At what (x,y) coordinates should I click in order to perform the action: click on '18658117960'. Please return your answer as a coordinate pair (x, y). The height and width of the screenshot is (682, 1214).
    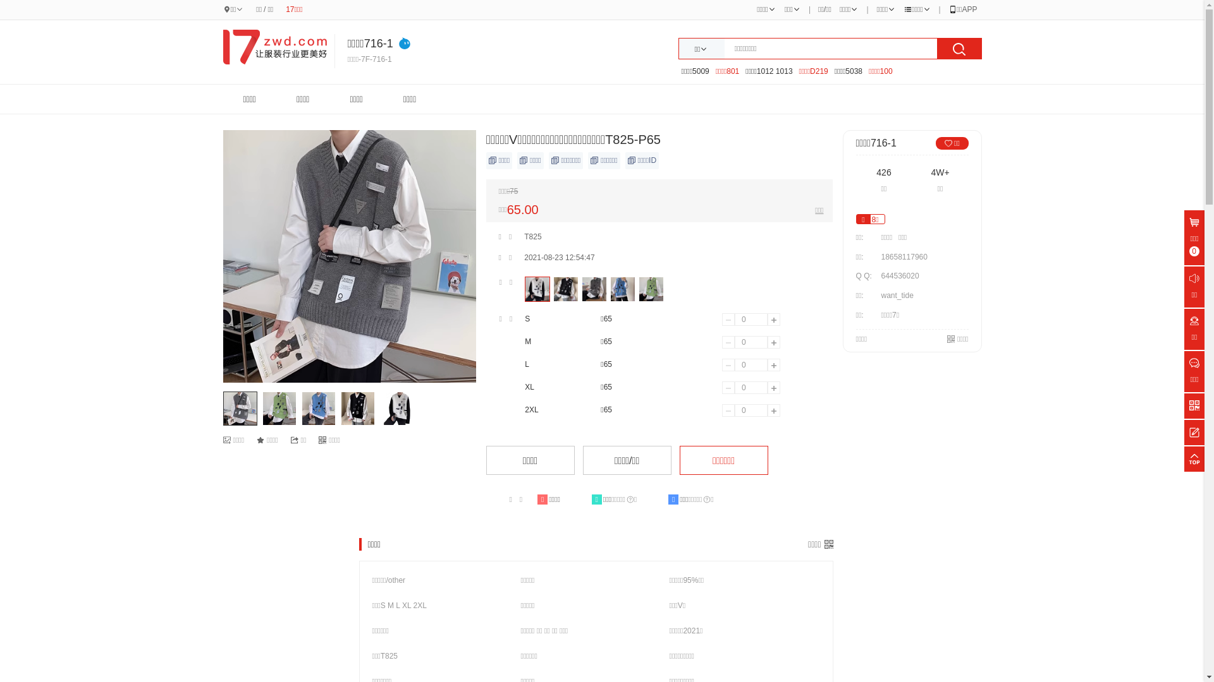
    Looking at the image, I should click on (876, 256).